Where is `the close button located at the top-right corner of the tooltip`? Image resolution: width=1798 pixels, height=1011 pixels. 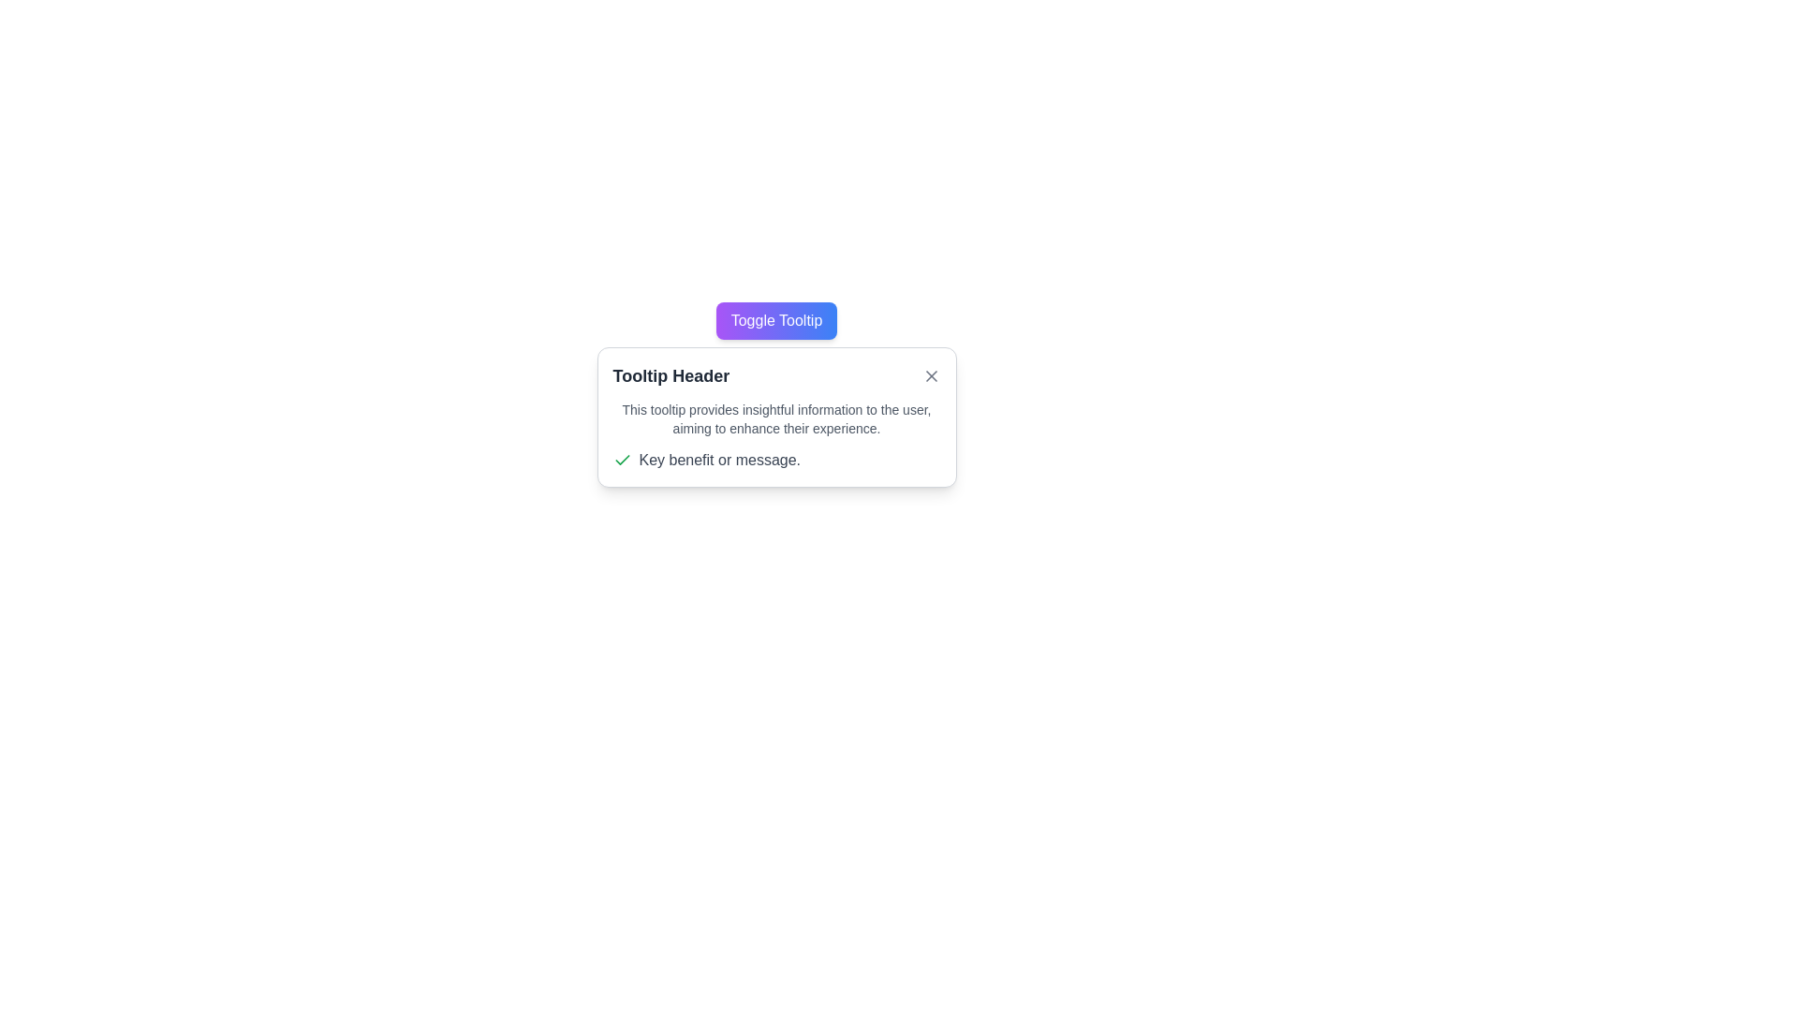
the close button located at the top-right corner of the tooltip is located at coordinates (931, 375).